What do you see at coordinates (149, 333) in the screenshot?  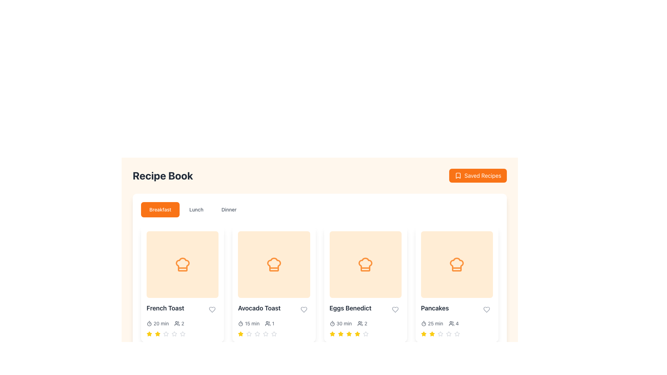 I see `the first star in the rating system` at bounding box center [149, 333].